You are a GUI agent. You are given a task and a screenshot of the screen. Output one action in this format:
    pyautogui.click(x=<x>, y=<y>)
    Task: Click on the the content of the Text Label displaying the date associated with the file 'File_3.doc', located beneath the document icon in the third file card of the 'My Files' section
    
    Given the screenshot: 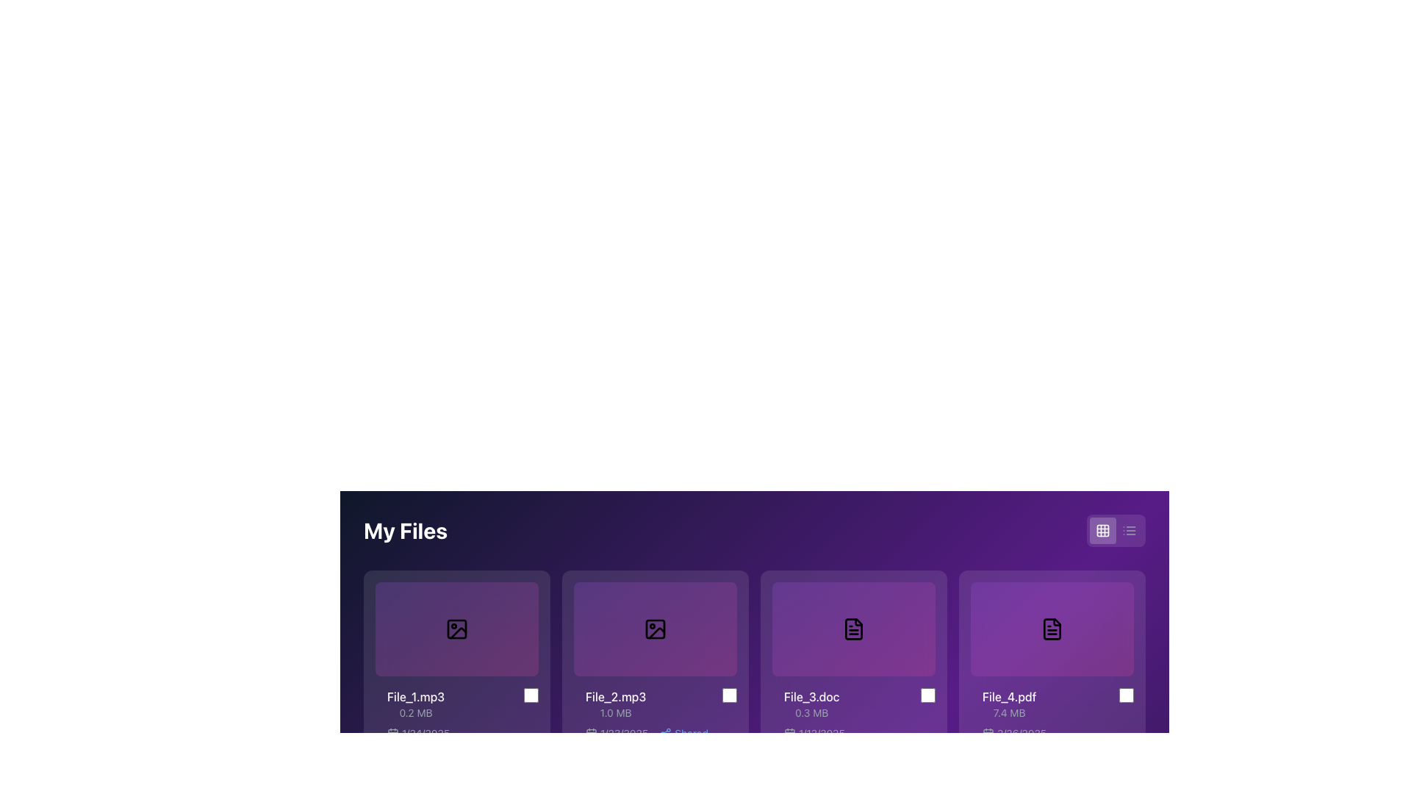 What is the action you would take?
    pyautogui.click(x=814, y=734)
    